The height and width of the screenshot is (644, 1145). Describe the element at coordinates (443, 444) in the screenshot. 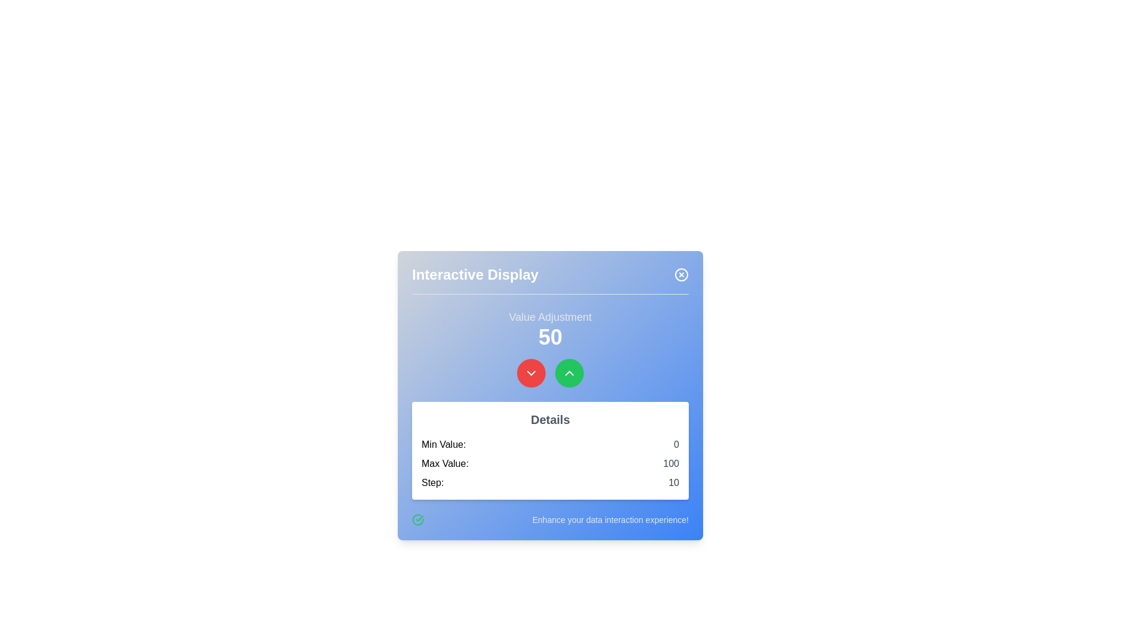

I see `the text label that describes the minimum value in the 'Details' section of the 'Interactive Display' dialog box` at that location.